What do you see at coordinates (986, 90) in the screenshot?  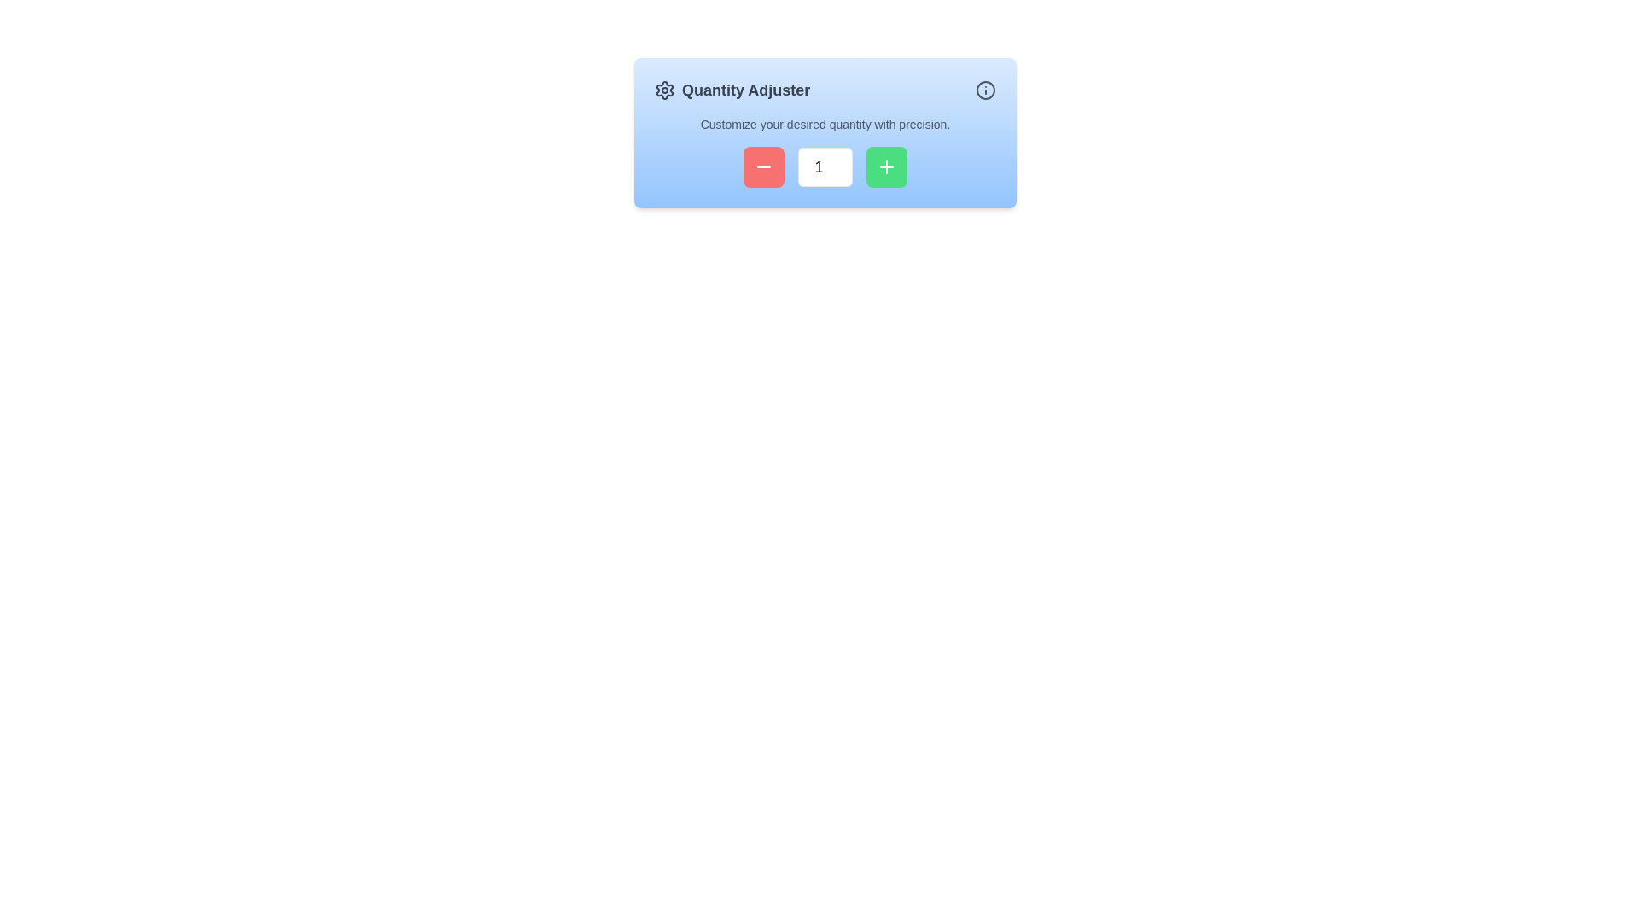 I see `the information/help icon located at the top-right corner of the 'Quantity Adjuster' section` at bounding box center [986, 90].